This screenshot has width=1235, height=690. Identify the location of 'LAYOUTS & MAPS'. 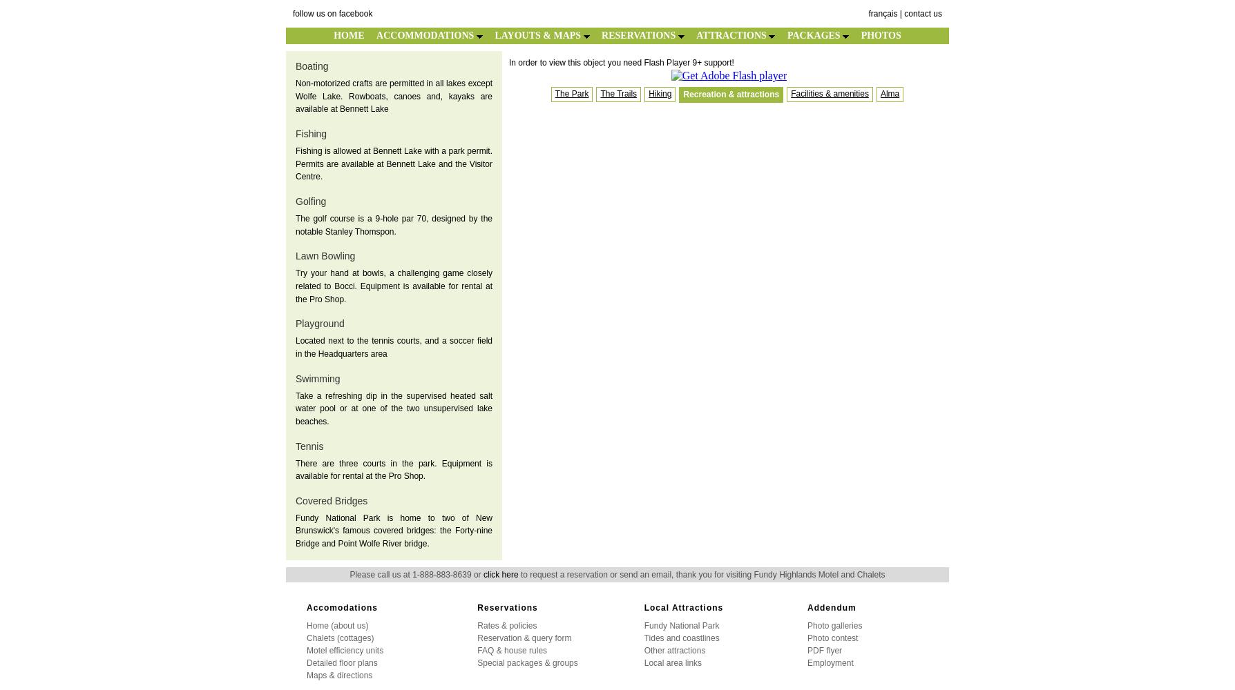
(537, 35).